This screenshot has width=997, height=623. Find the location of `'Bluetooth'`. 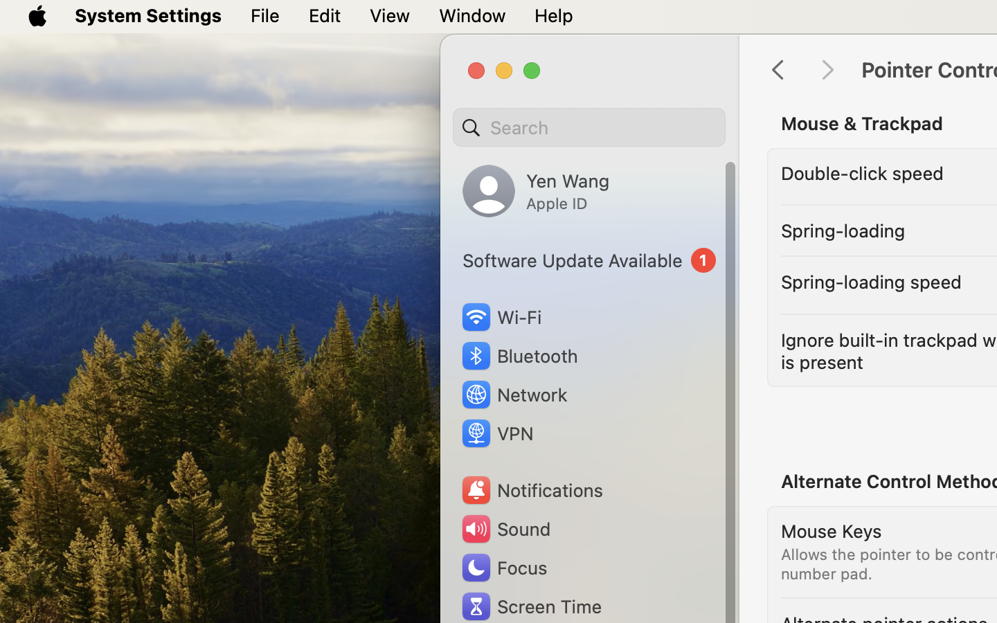

'Bluetooth' is located at coordinates (518, 354).